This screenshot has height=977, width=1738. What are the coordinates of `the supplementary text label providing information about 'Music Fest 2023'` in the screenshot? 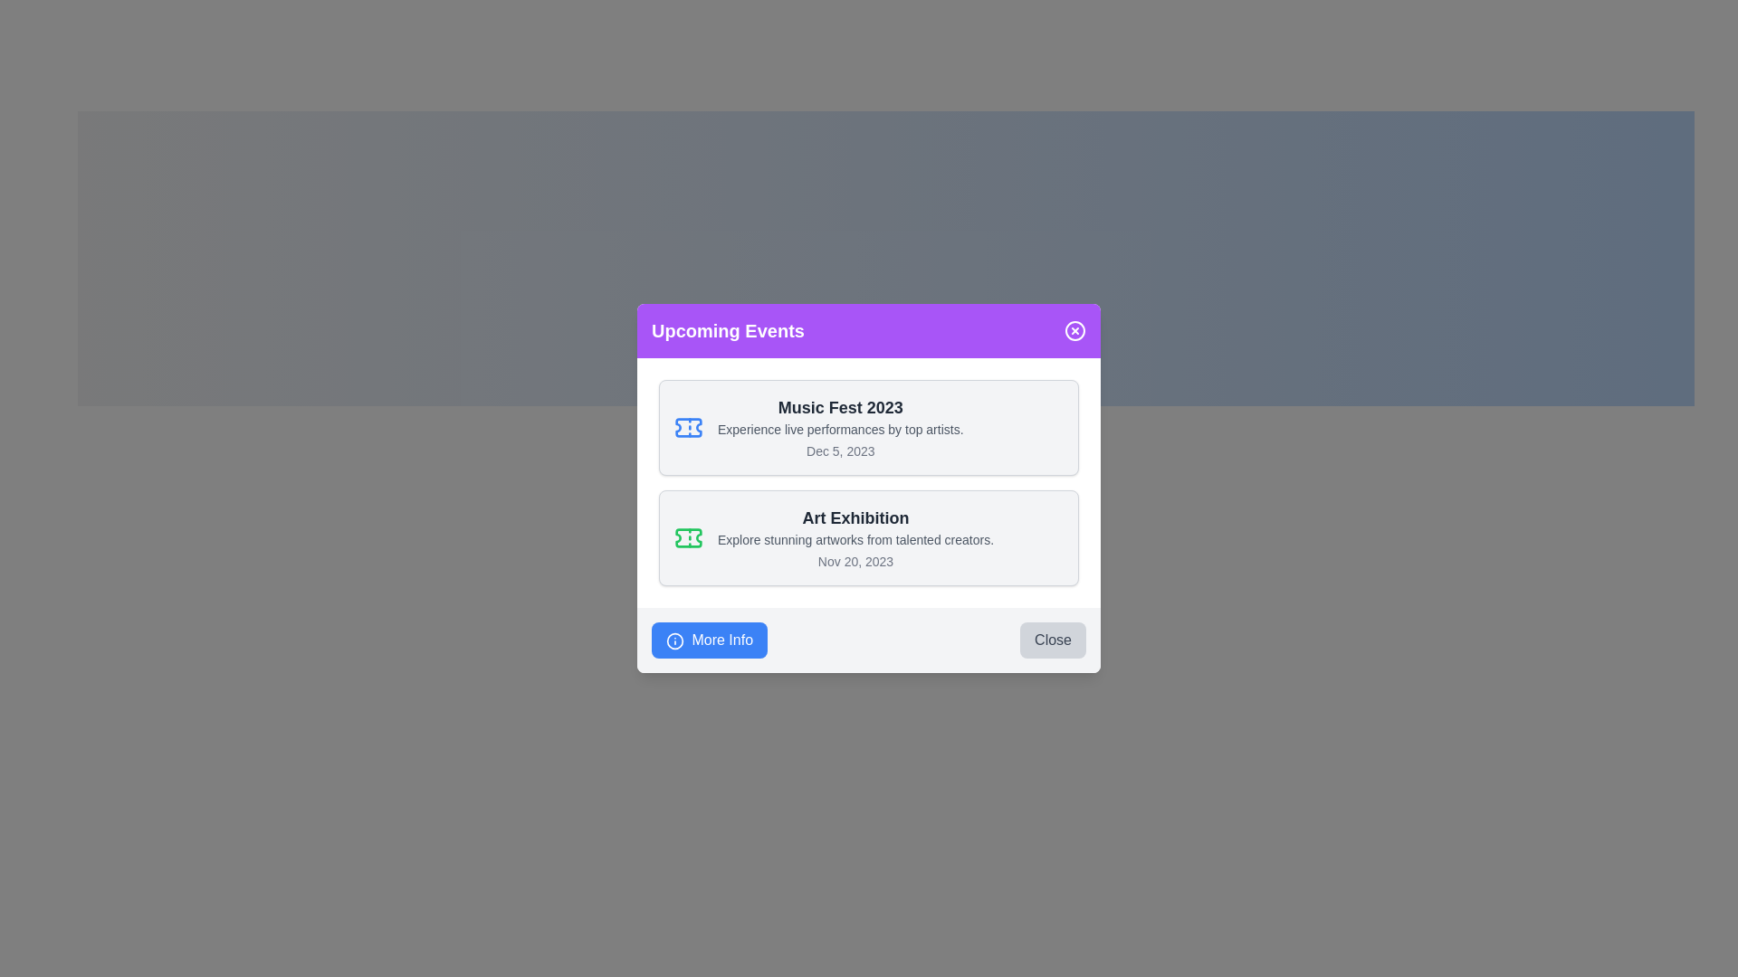 It's located at (839, 429).